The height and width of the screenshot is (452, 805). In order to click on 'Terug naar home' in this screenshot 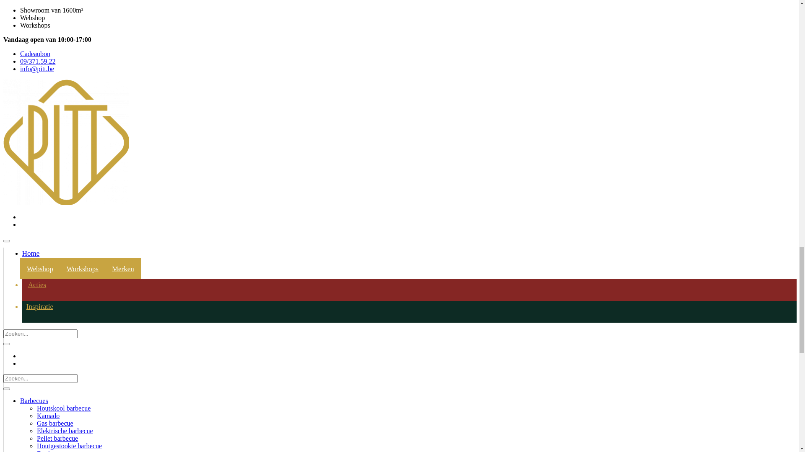, I will do `click(26, 150)`.